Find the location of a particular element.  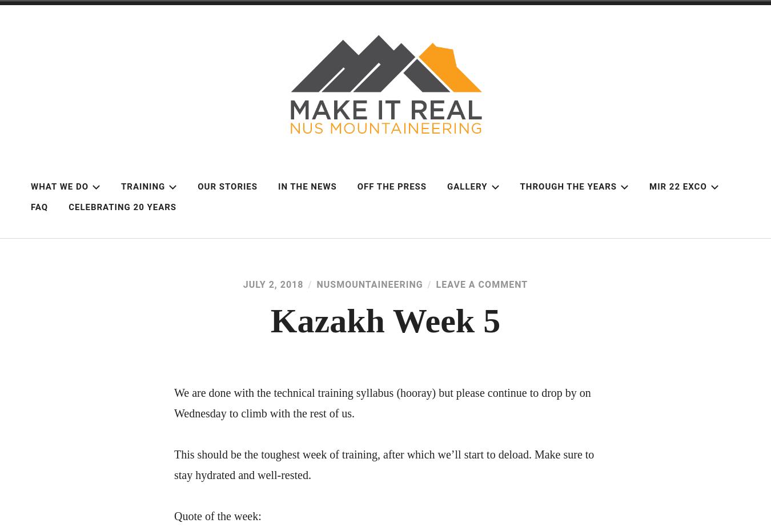

'Kazakh Week 5' is located at coordinates (270, 320).